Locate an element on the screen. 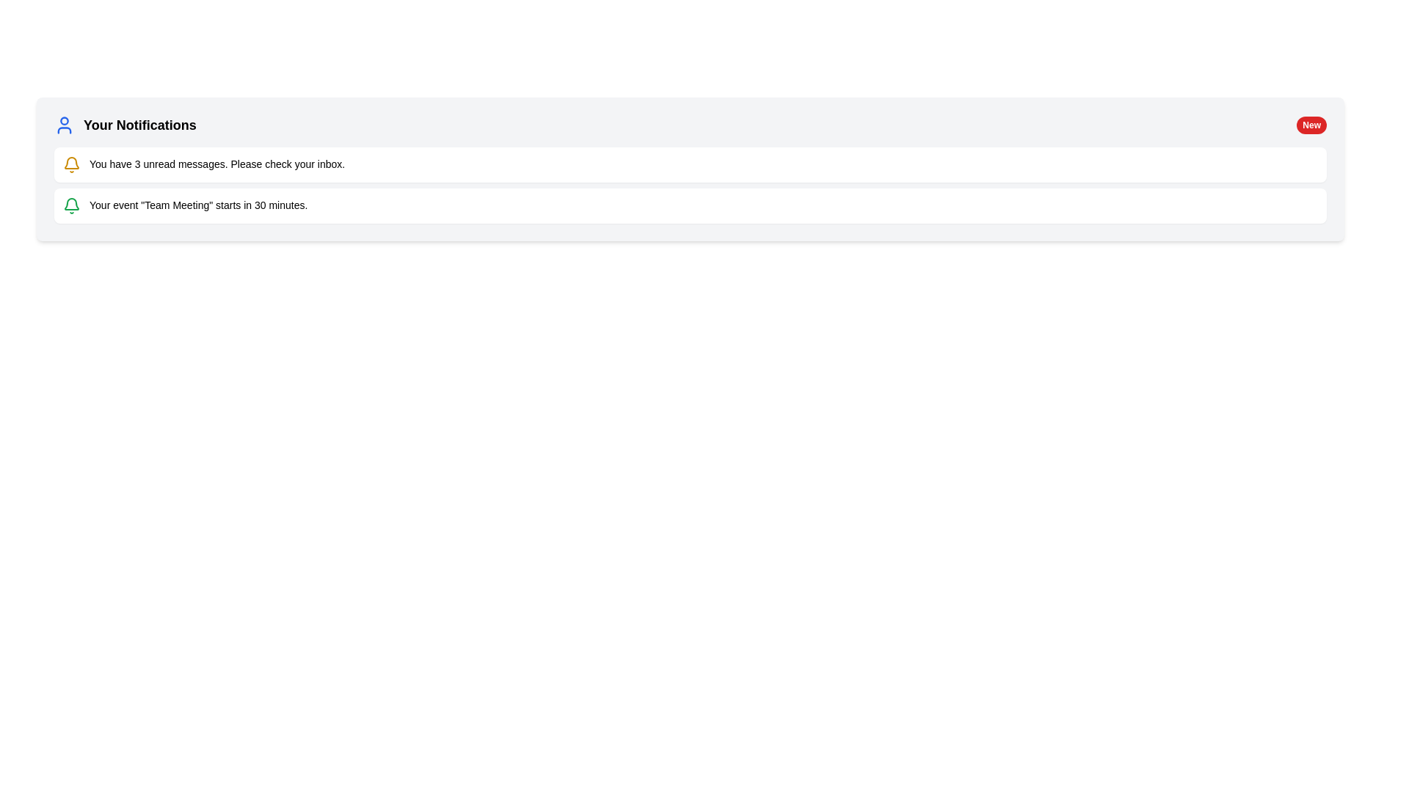 The image size is (1409, 792). notification message displaying 'Team Meeting' with 30 minutes remaining, located beneath another notification in the vertical list is located at coordinates (197, 206).